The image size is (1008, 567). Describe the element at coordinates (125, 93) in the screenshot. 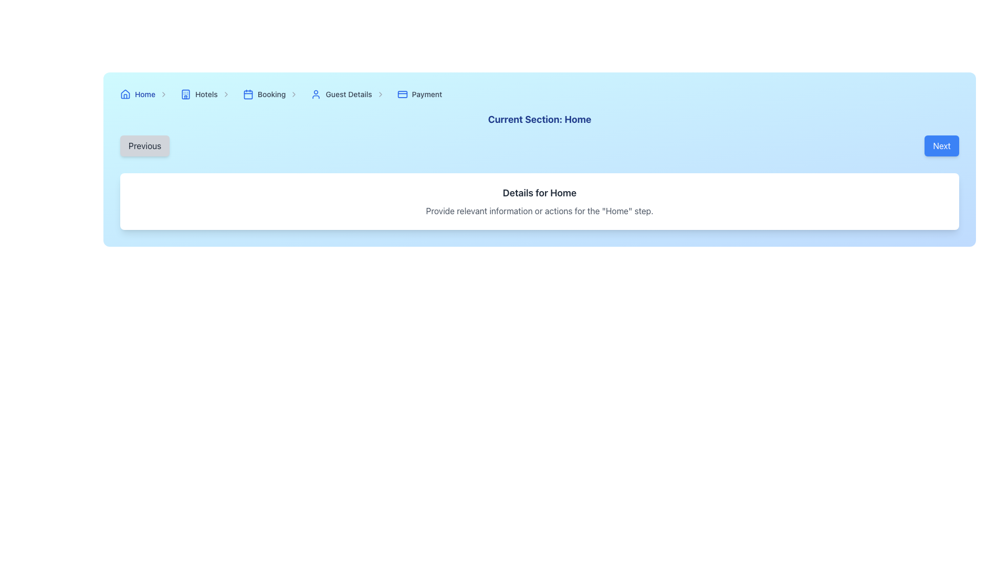

I see `the house icon located at the far-left side of the breadcrumb navigation bar` at that location.